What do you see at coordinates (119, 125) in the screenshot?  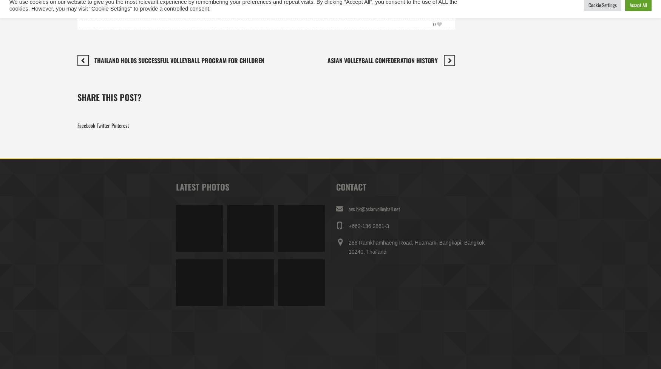 I see `'Pinterest'` at bounding box center [119, 125].